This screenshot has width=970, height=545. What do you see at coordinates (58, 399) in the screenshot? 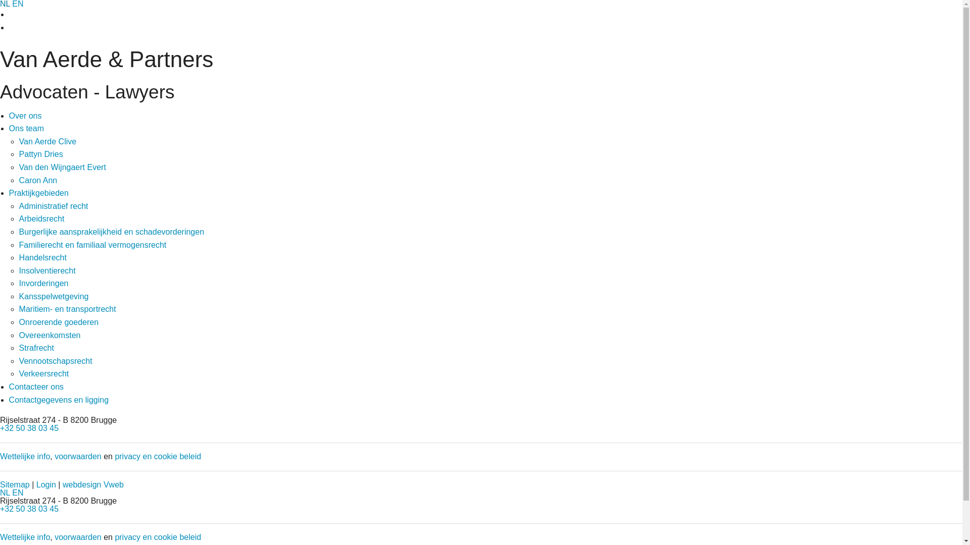
I see `'Contactgegevens en ligging'` at bounding box center [58, 399].